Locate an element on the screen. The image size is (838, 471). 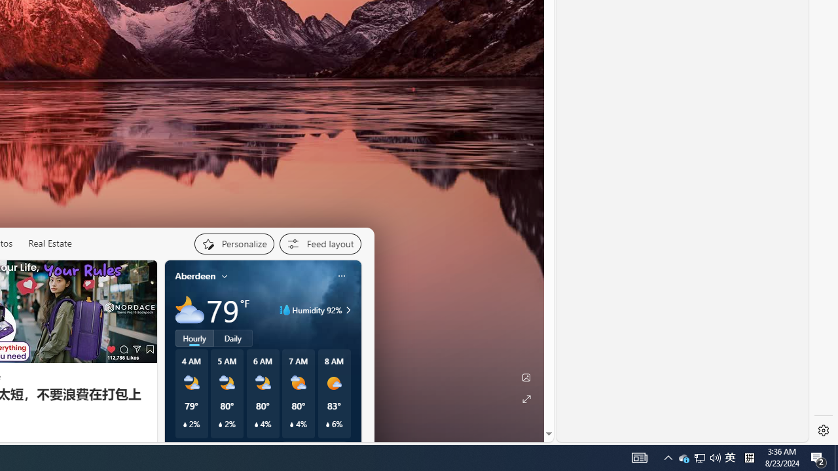
'Daily' is located at coordinates (233, 337).